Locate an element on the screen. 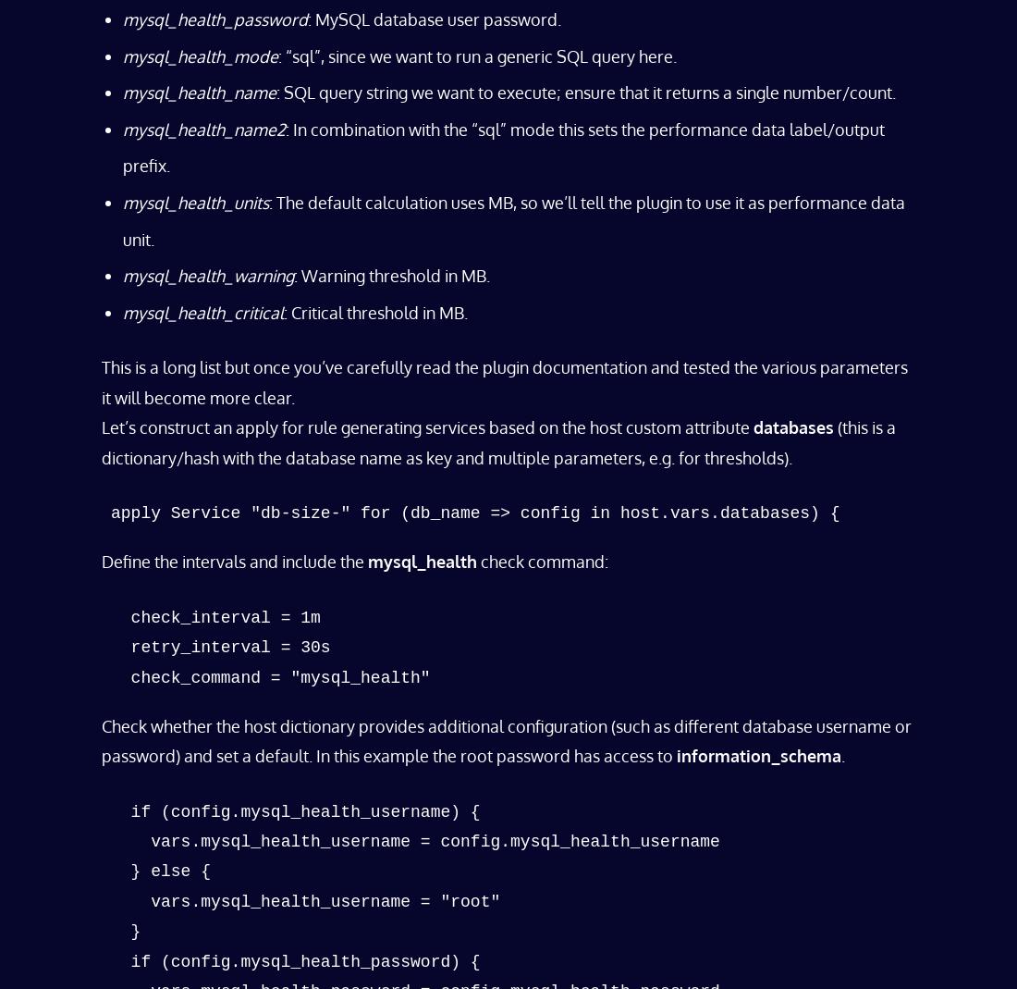 The height and width of the screenshot is (989, 1017). ': SQL query string we want to execute; ensure that it returns a single number/count.' is located at coordinates (586, 91).